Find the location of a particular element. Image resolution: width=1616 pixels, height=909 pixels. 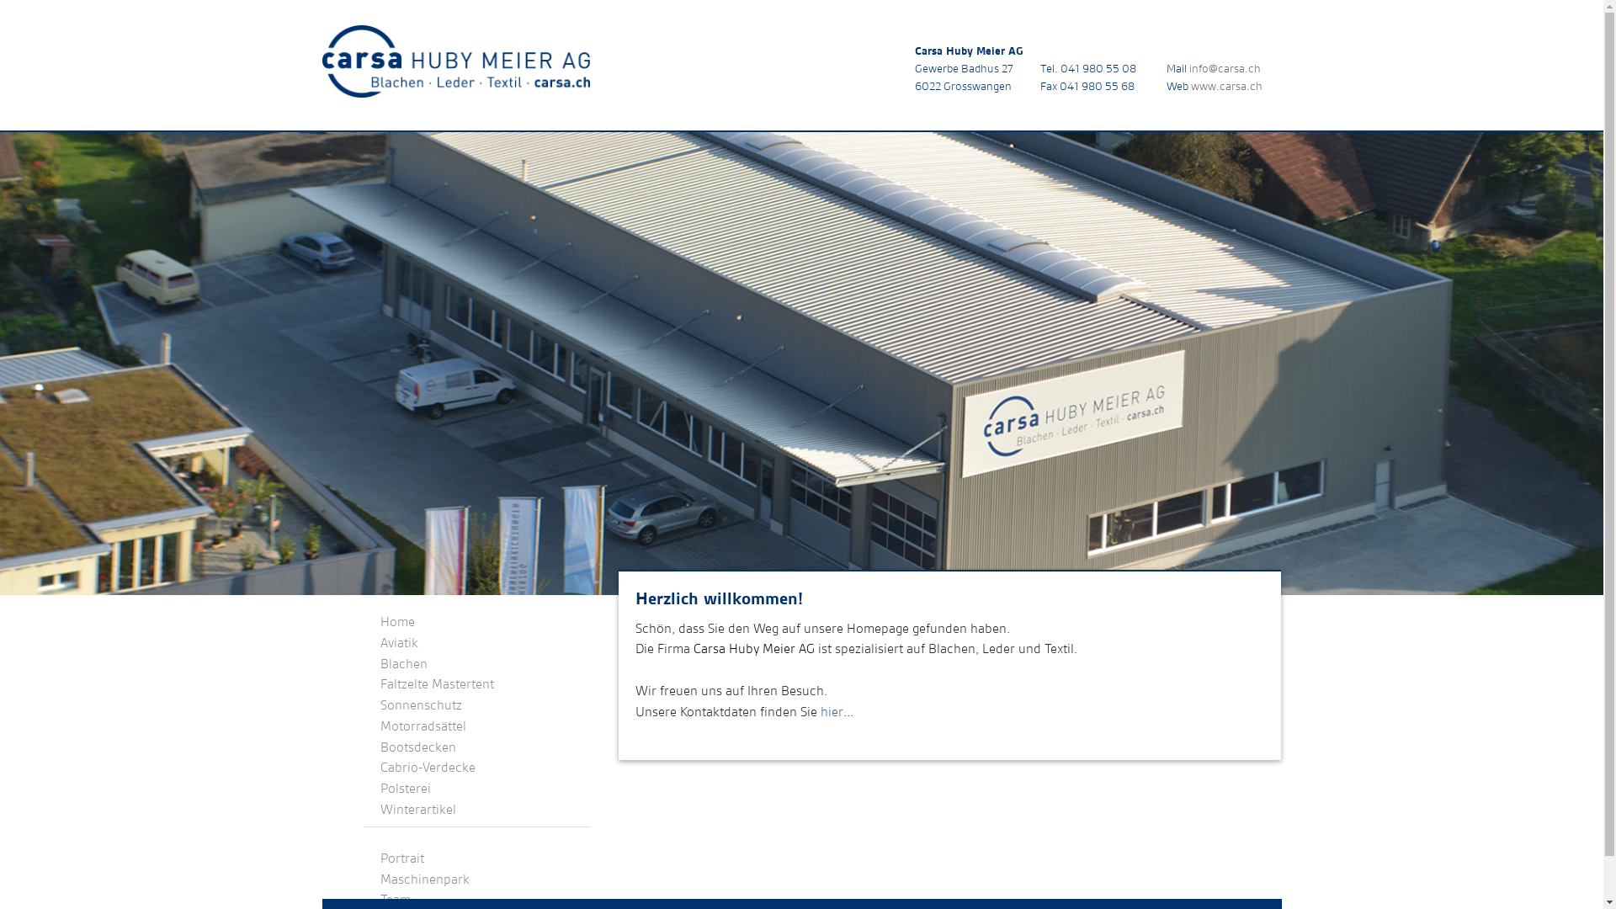

'Maschinenpark' is located at coordinates (424, 878).